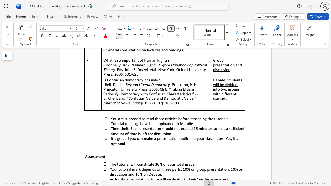 The height and width of the screenshot is (186, 331). What do you see at coordinates (120, 119) in the screenshot?
I see `the subset text "re suppose" within the text "You are supposed to read those articles before attending the tutorials."` at bounding box center [120, 119].